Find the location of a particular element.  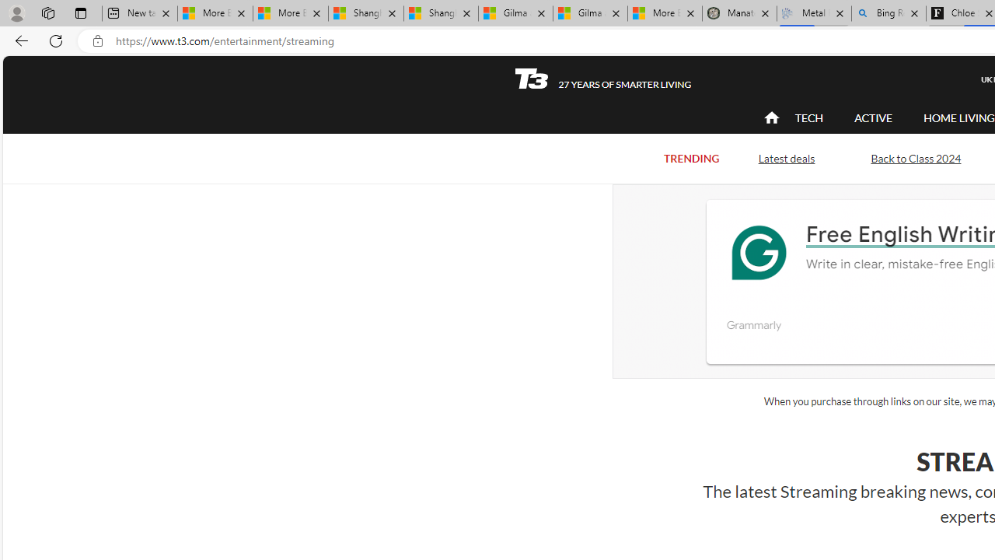

'Gilma and Hector both pose tropical trouble for Hawaii' is located at coordinates (589, 13).